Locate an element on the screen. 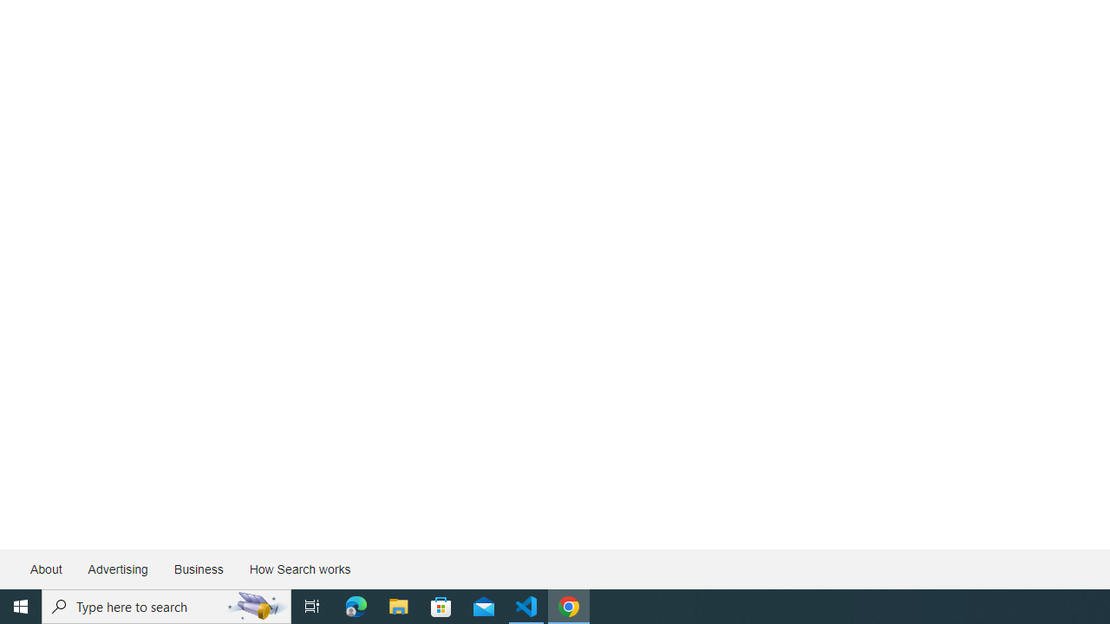 This screenshot has width=1110, height=624. 'How Search works' is located at coordinates (299, 569).